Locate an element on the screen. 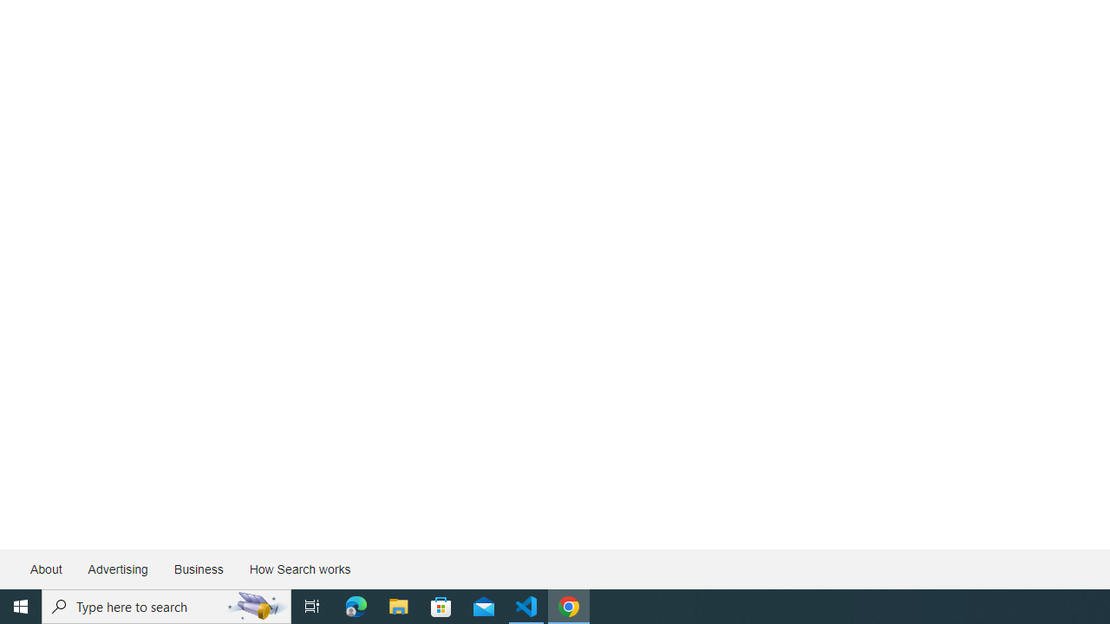 This screenshot has width=1110, height=624. 'How Search works' is located at coordinates (299, 569).